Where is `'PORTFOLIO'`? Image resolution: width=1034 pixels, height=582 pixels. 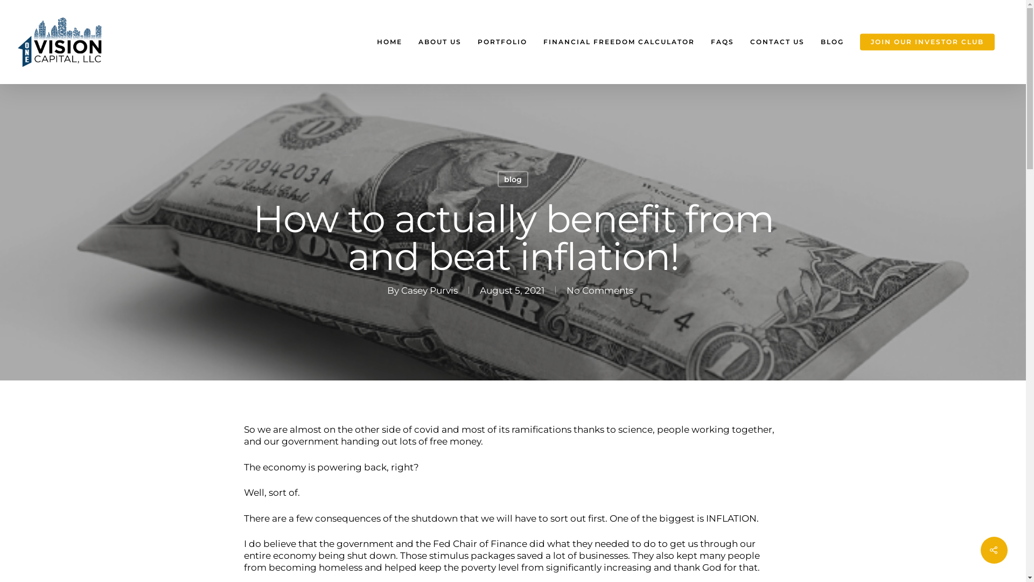 'PORTFOLIO' is located at coordinates (501, 41).